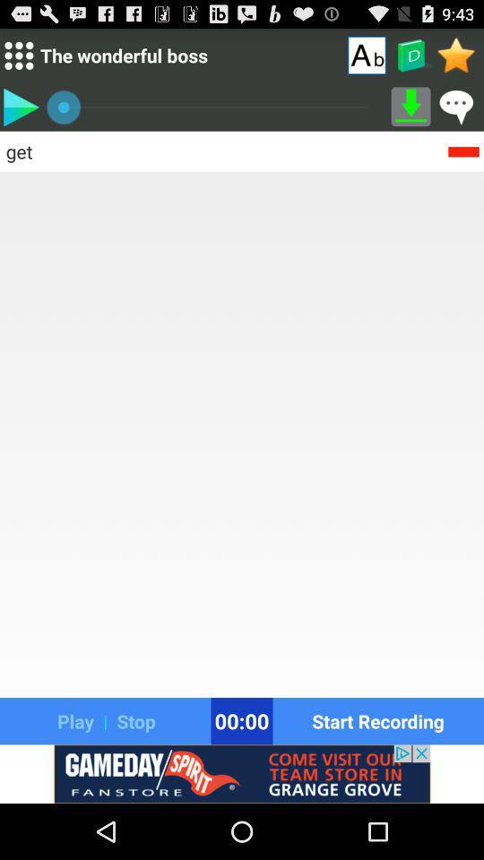 The height and width of the screenshot is (860, 484). Describe the element at coordinates (411, 113) in the screenshot. I see `the file_download icon` at that location.